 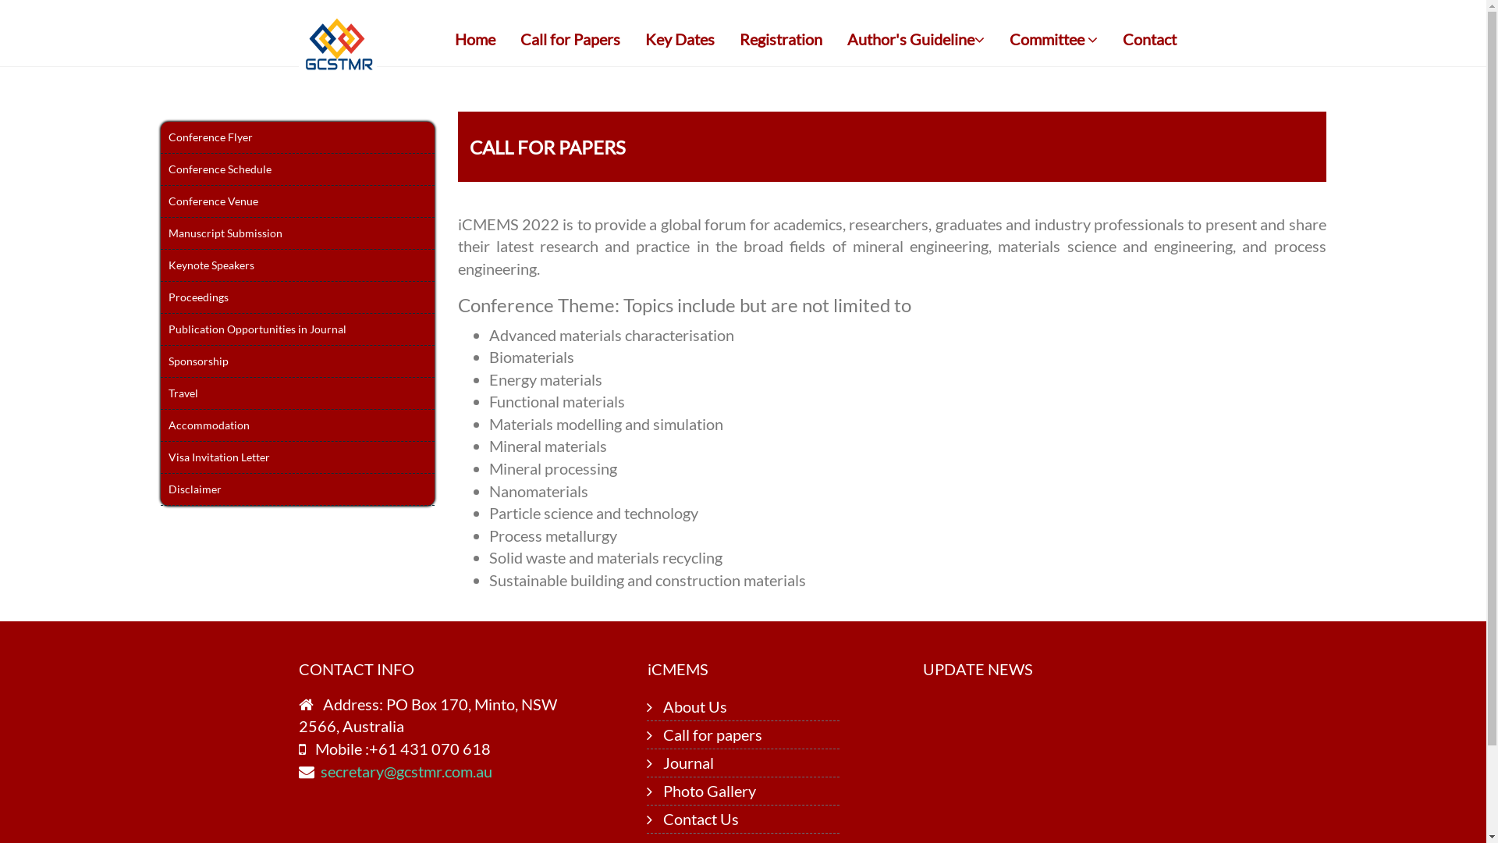 What do you see at coordinates (297, 329) in the screenshot?
I see `'Publication Opportunities in Journal'` at bounding box center [297, 329].